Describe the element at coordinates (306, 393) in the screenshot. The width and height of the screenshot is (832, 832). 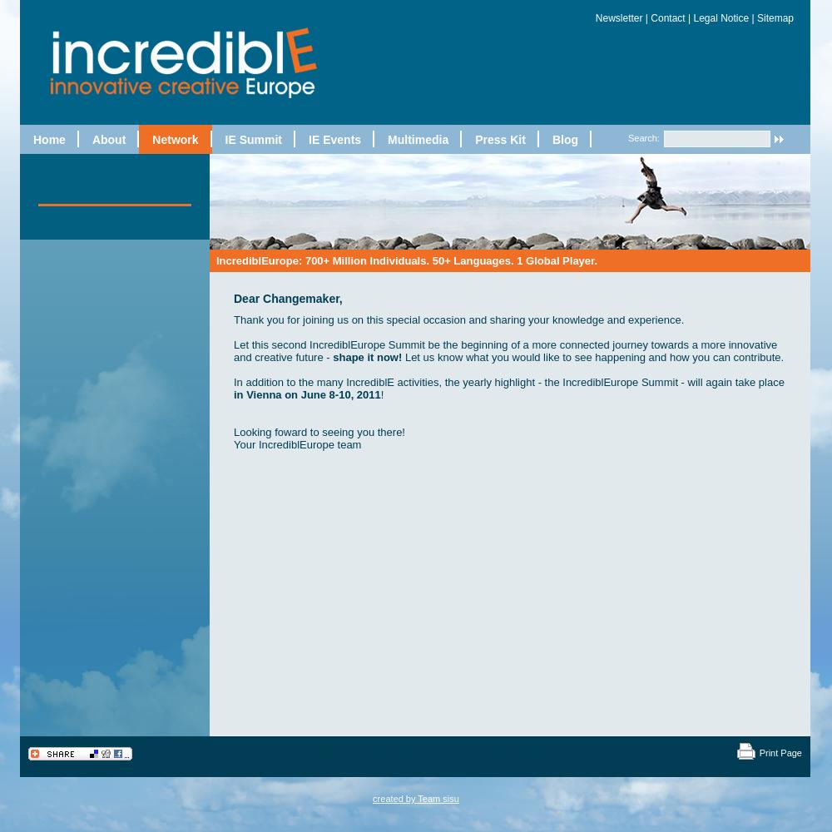
I see `'in Vienna on June 8-10, 2011'` at that location.